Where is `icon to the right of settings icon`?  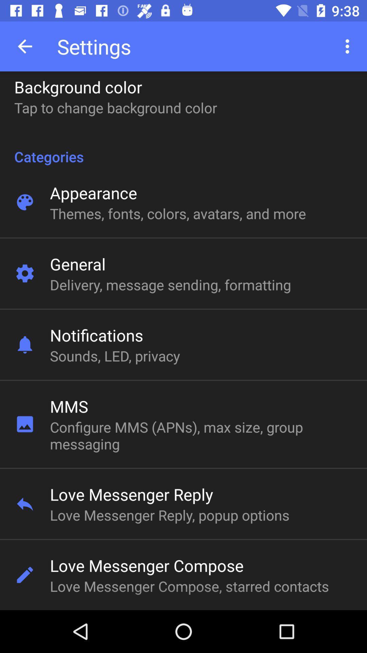 icon to the right of settings icon is located at coordinates (349, 46).